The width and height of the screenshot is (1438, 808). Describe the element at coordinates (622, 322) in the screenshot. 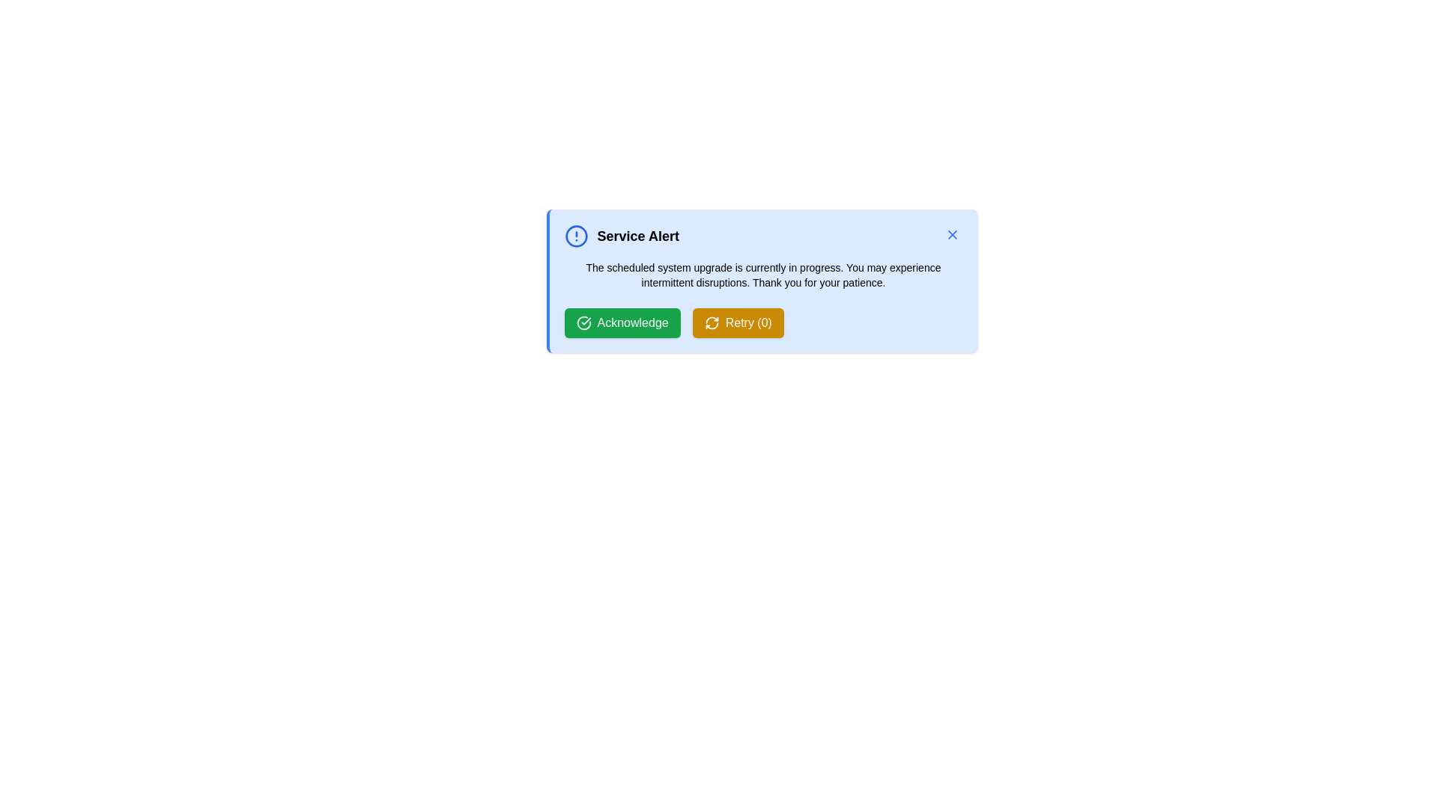

I see `the 'Acknowledge' button to acknowledge the alert` at that location.